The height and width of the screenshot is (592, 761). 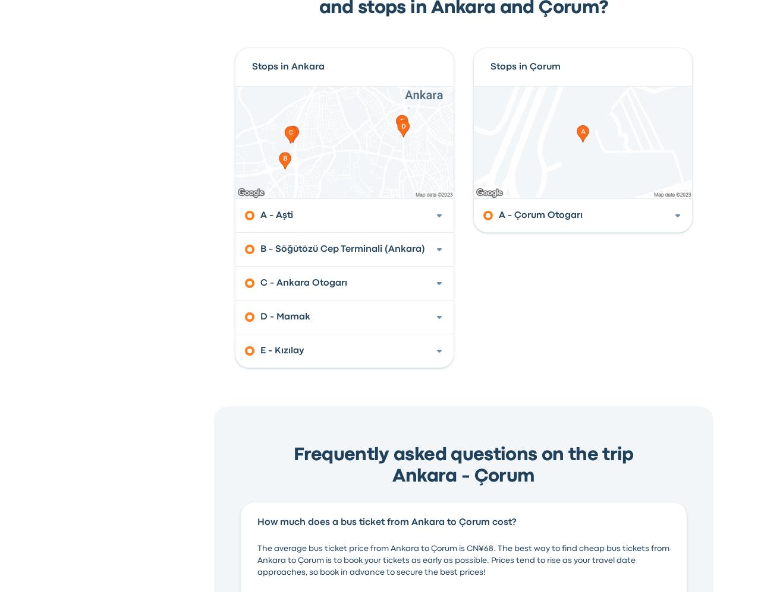 I want to click on 'A - Çorum Otogarı', so click(x=540, y=214).